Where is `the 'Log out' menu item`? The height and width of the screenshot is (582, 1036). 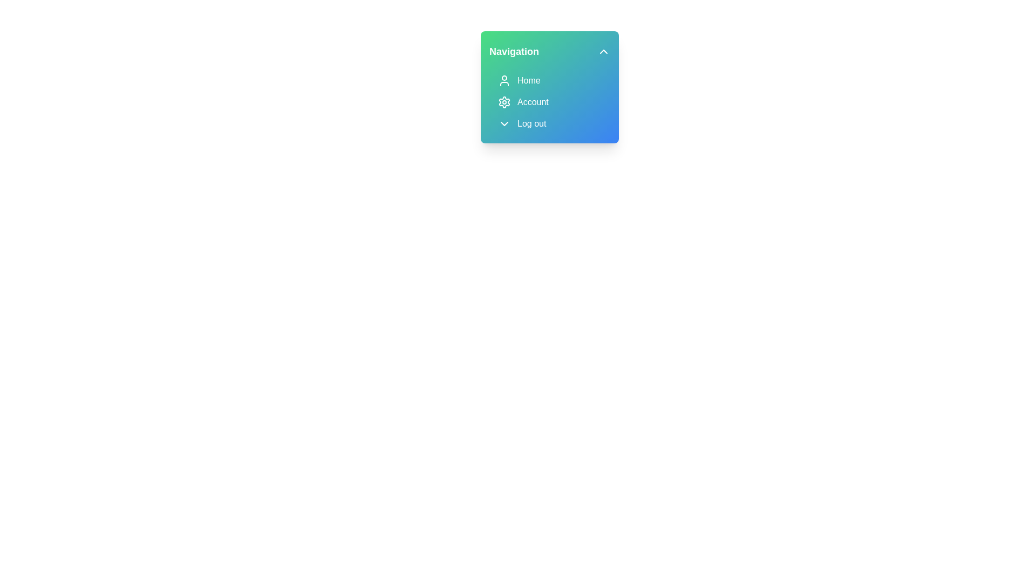
the 'Log out' menu item is located at coordinates (549, 123).